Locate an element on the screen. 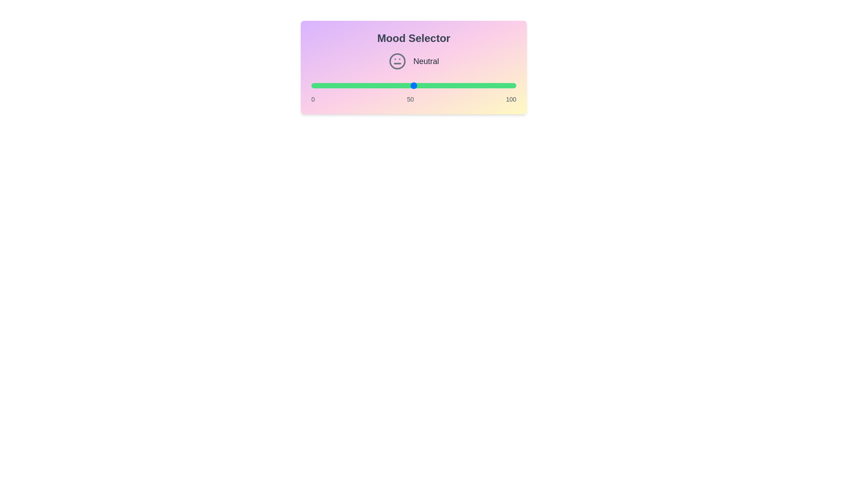  the mood value to 71 by adjusting the slider is located at coordinates (457, 85).